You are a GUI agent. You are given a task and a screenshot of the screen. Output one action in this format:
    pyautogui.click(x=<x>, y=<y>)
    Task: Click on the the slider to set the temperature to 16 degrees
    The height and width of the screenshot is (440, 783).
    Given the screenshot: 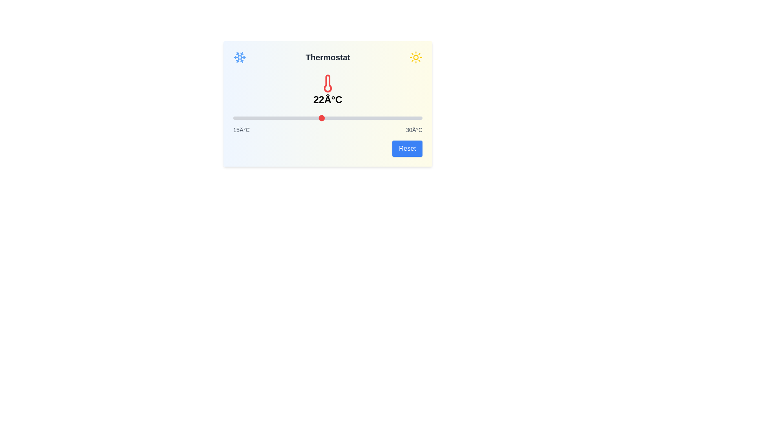 What is the action you would take?
    pyautogui.click(x=245, y=118)
    